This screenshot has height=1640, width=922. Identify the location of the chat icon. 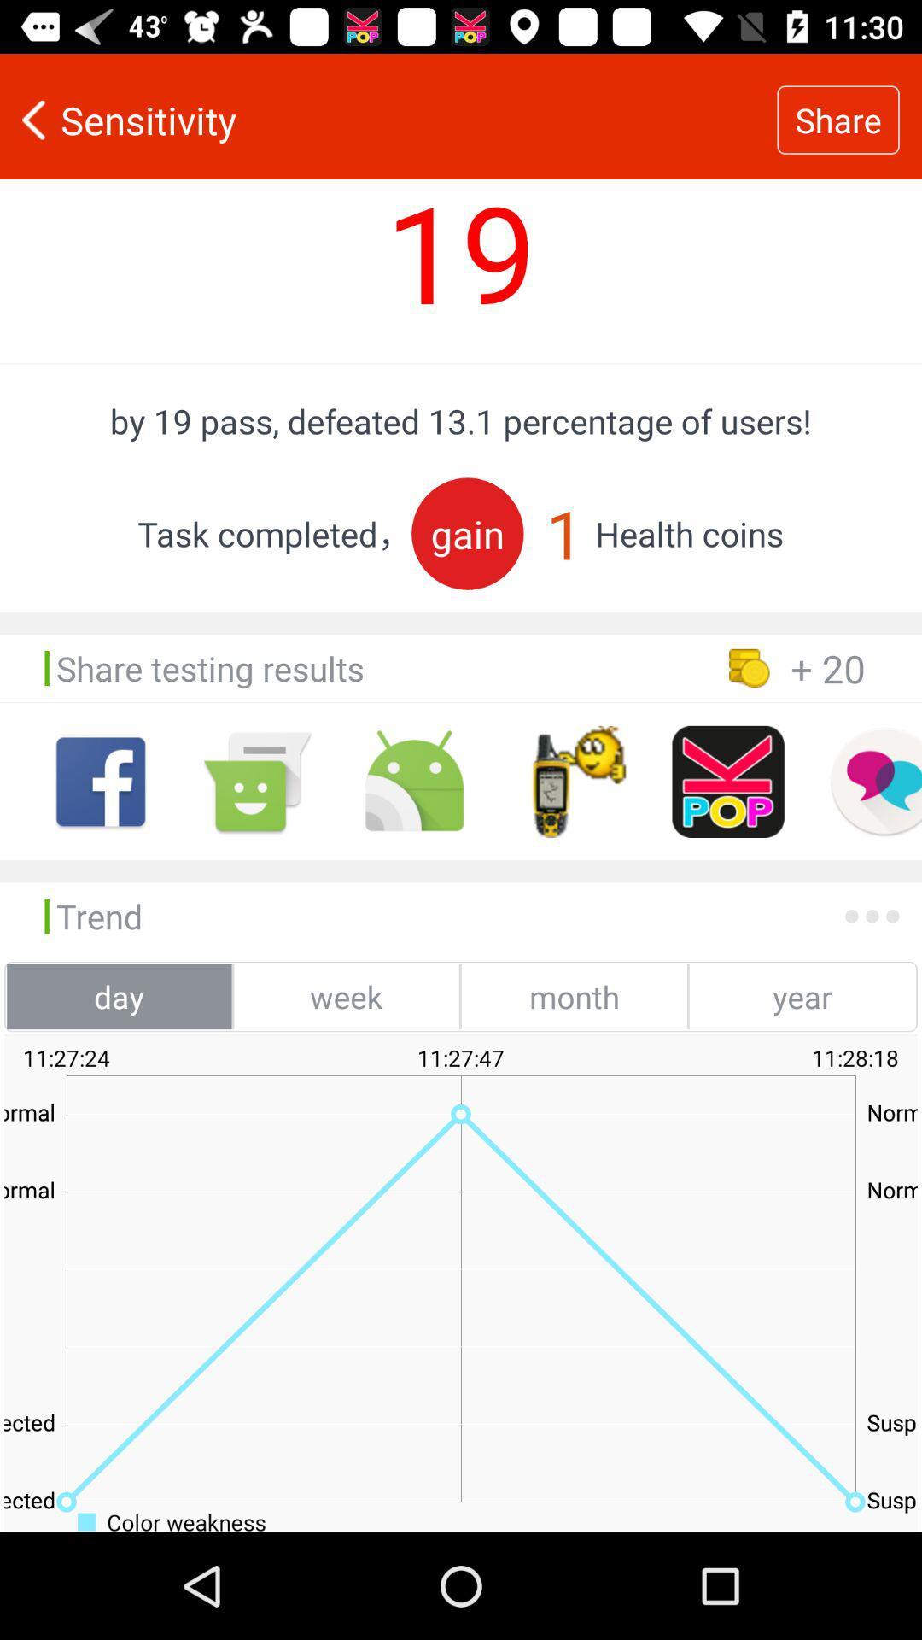
(257, 781).